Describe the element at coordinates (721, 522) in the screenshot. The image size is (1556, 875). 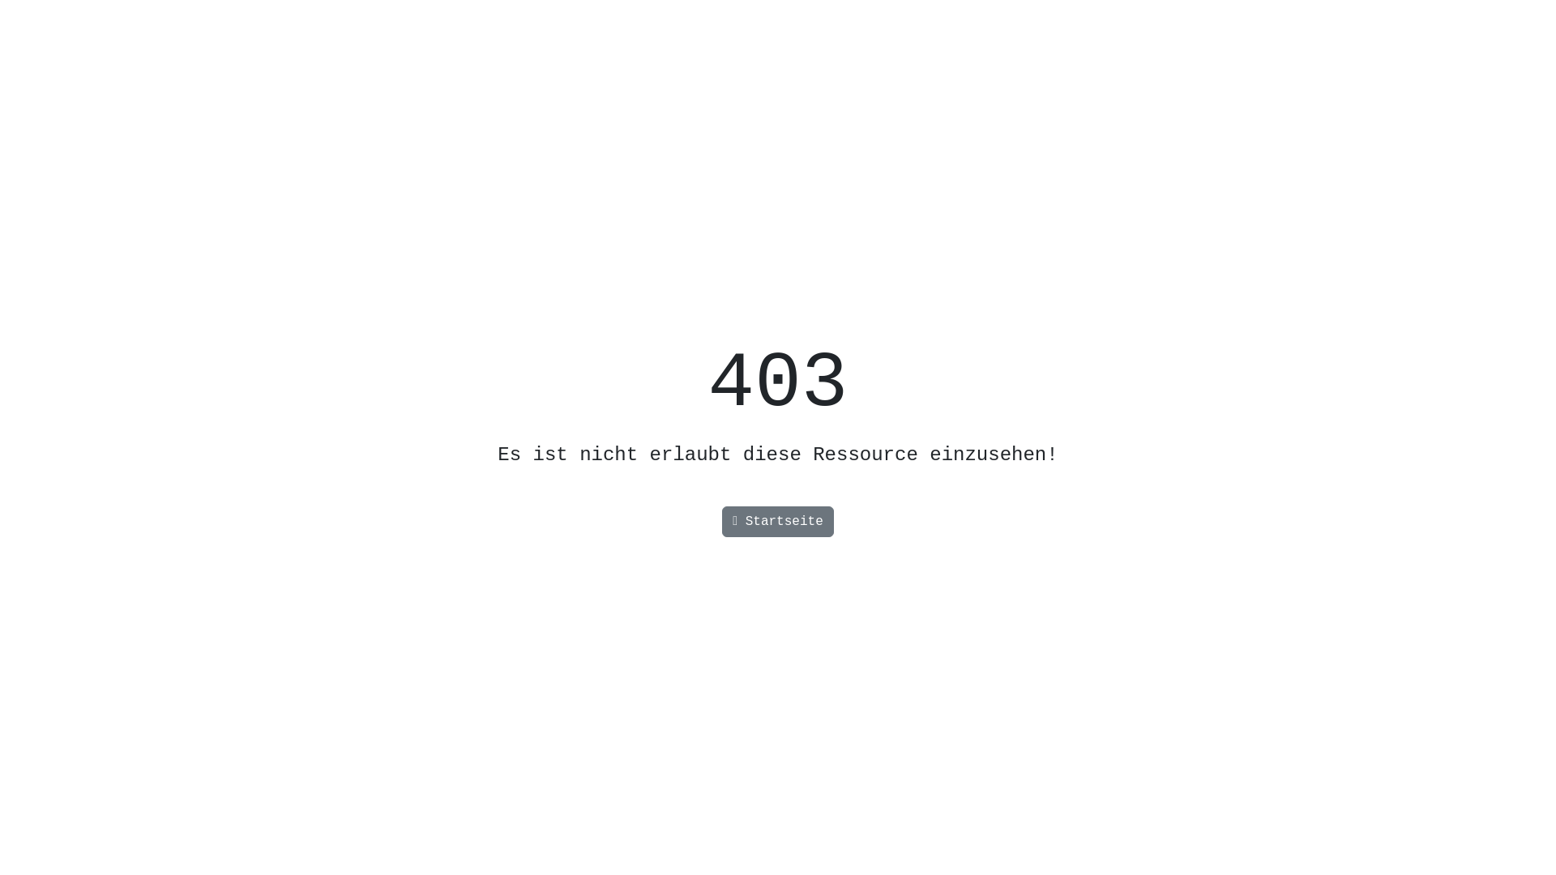
I see `'Startseite'` at that location.